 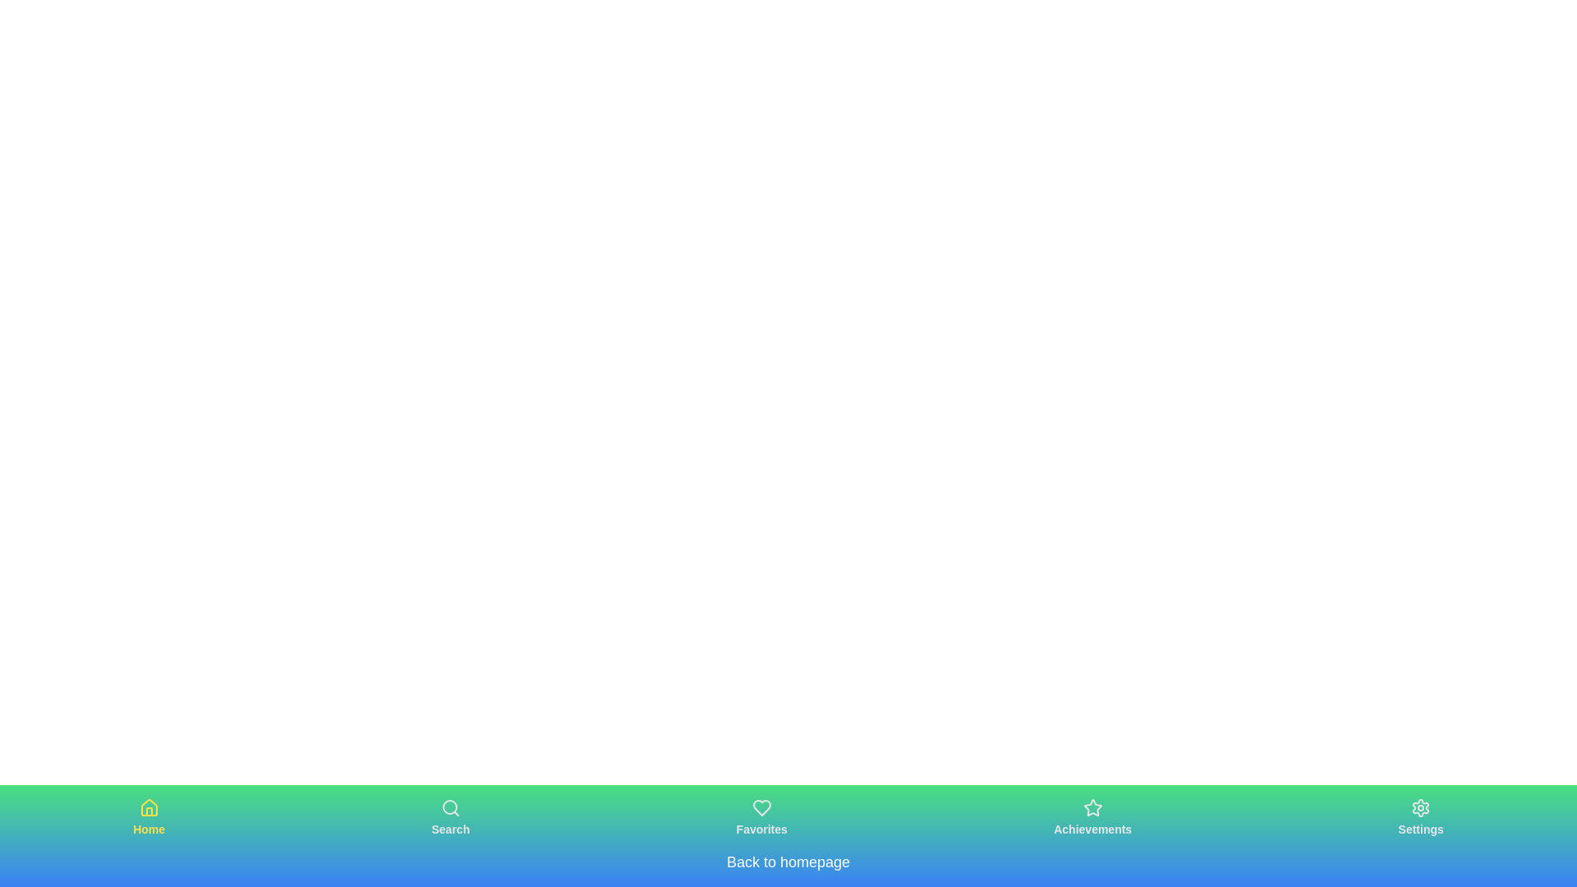 I want to click on the tab labeled Favorites, so click(x=760, y=817).